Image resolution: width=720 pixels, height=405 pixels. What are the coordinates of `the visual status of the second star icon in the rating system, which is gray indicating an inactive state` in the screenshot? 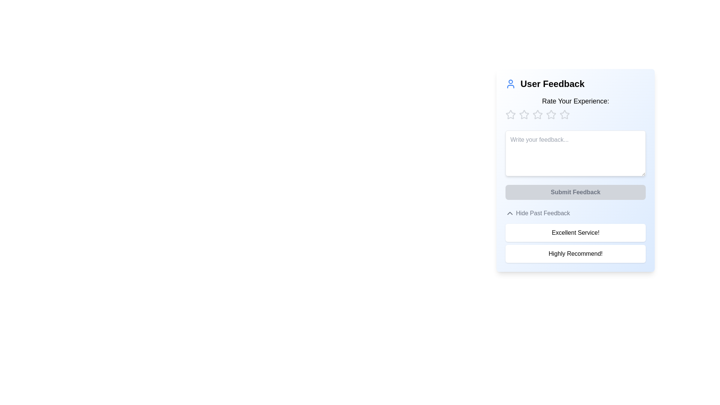 It's located at (537, 114).